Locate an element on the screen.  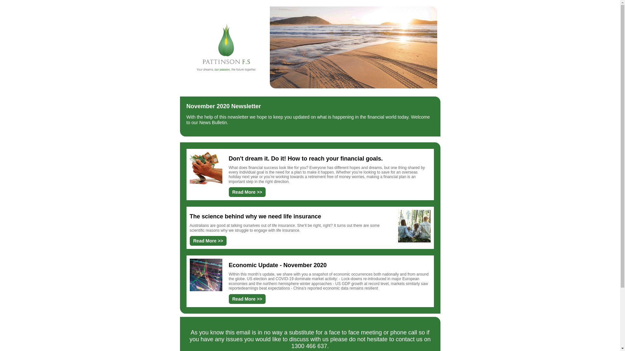
'Read More >>' is located at coordinates (246, 191).